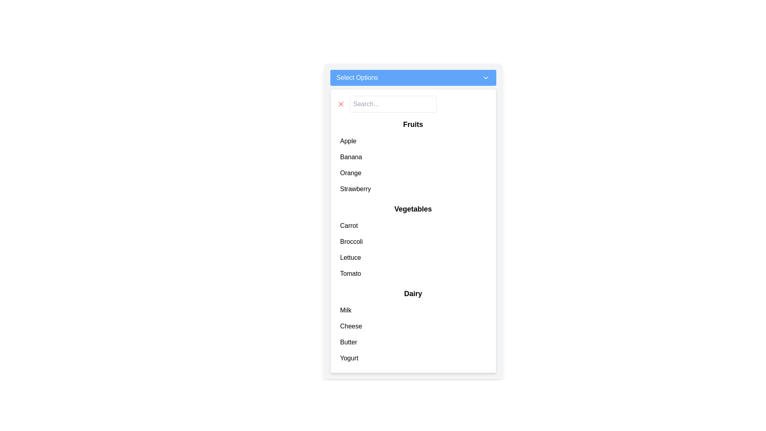  What do you see at coordinates (348, 342) in the screenshot?
I see `the 'Butter' text label in the dropdown menu under the 'Dairy' category, which is the third item listed` at bounding box center [348, 342].